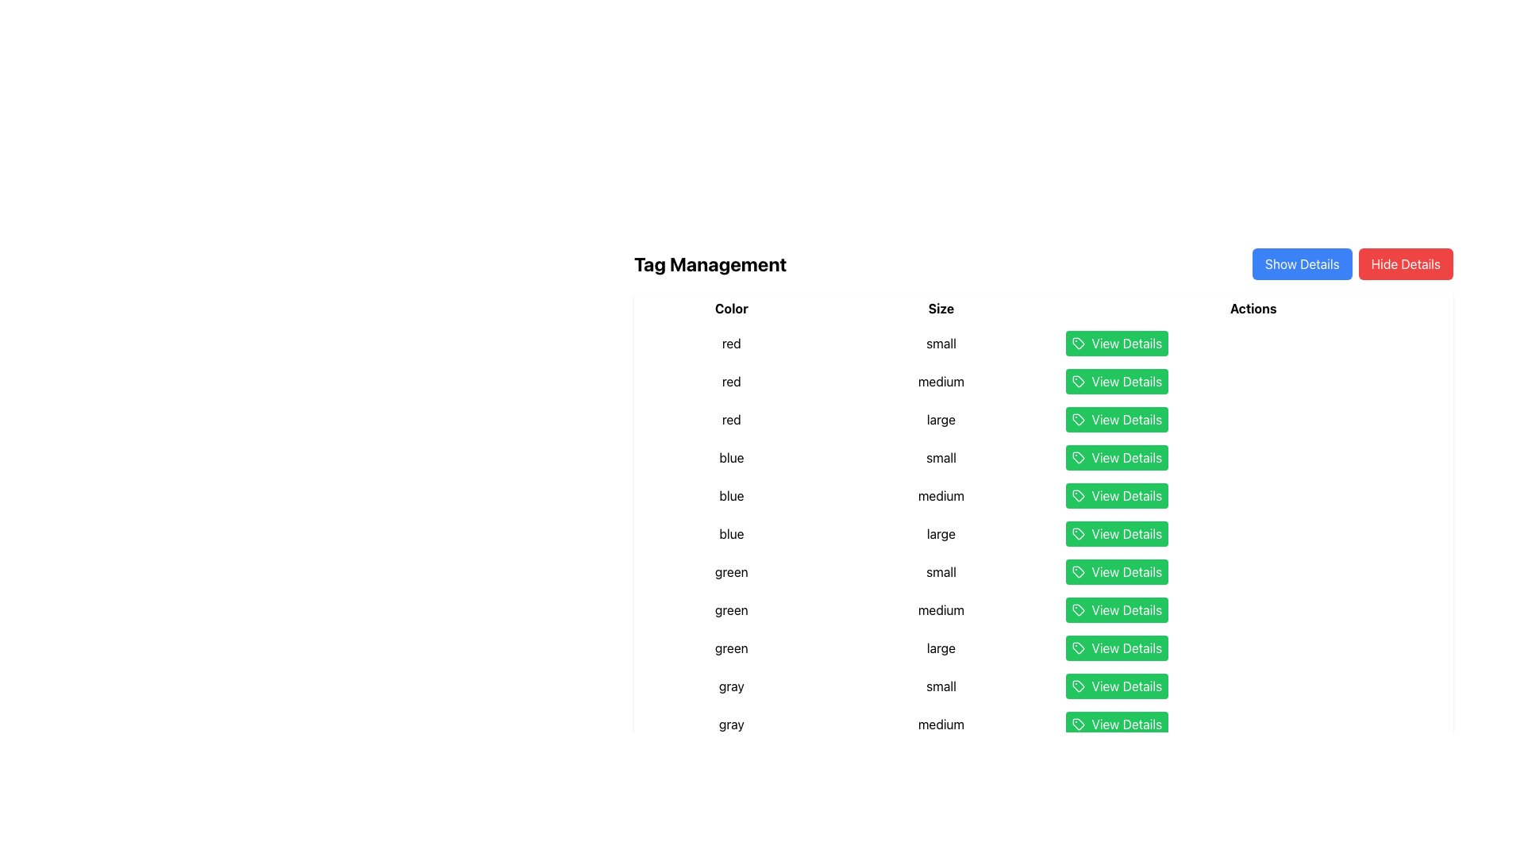  What do you see at coordinates (1079, 609) in the screenshot?
I see `the decorative icon within the third 'View Details' button in the 'Actions' column, which corresponds to the row with 'green' as the color and 'medium' as the size` at bounding box center [1079, 609].